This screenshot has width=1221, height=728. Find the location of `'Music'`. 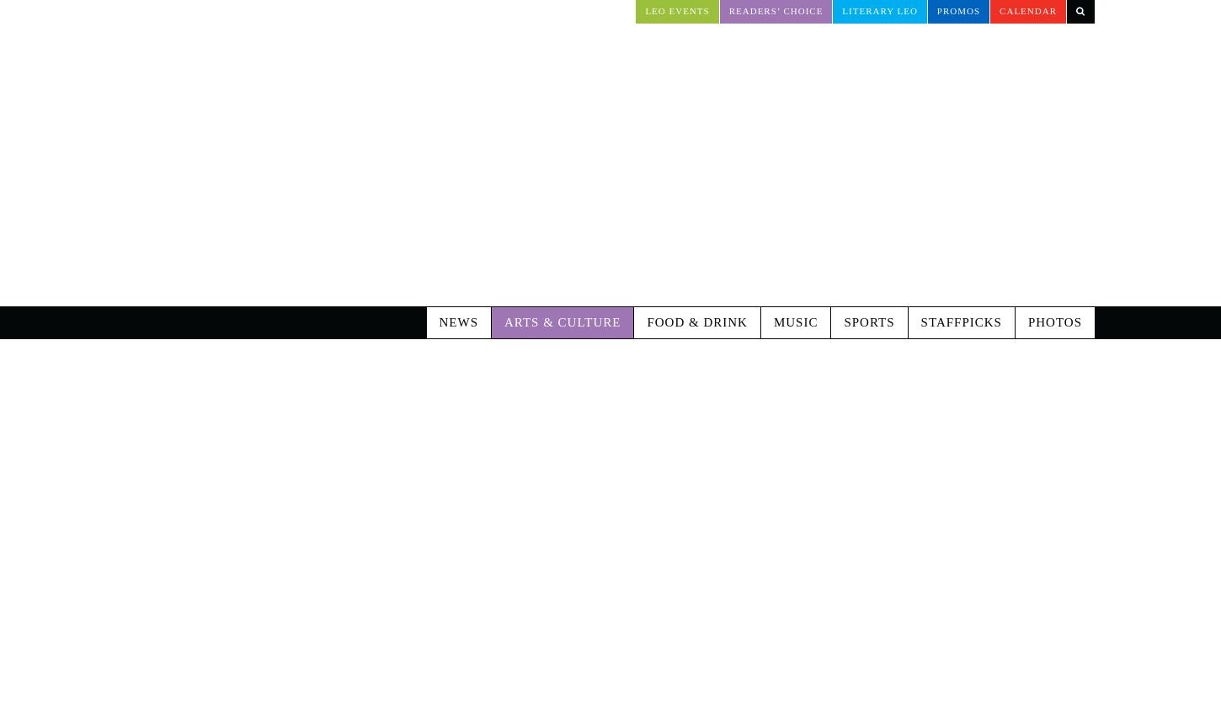

'Music' is located at coordinates (794, 252).